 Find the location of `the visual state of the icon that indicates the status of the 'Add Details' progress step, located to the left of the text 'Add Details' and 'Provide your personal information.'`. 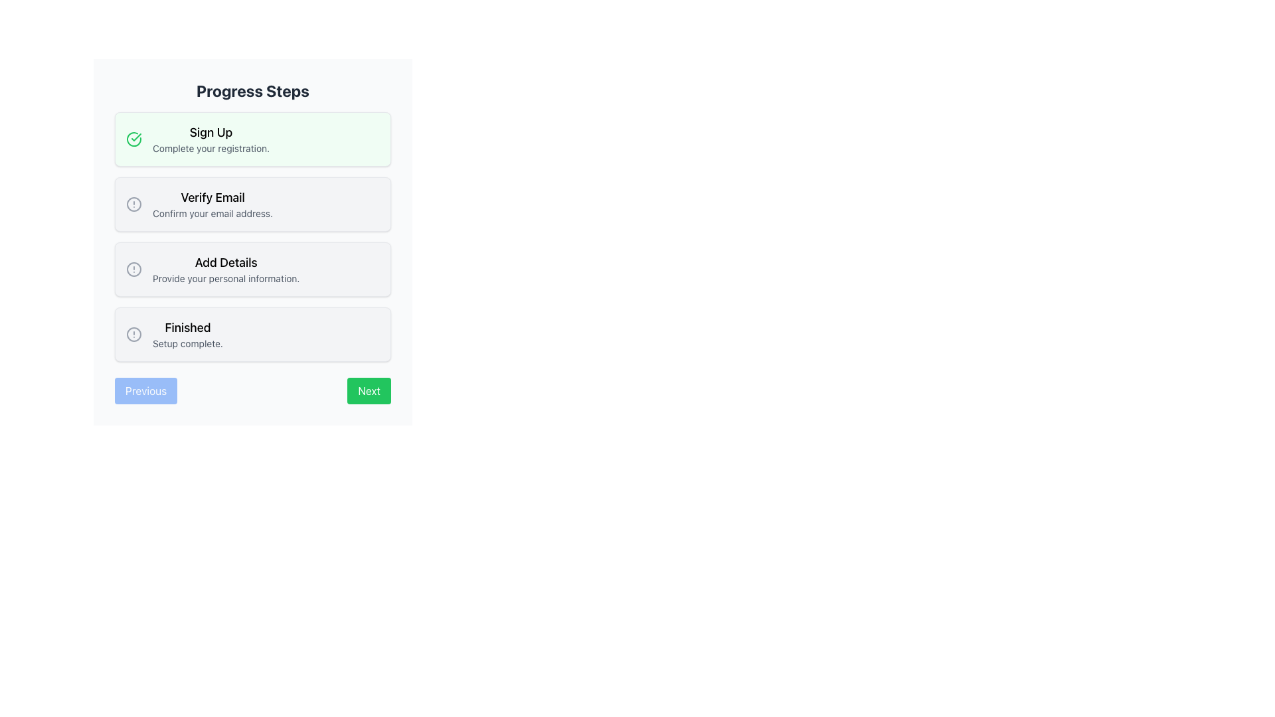

the visual state of the icon that indicates the status of the 'Add Details' progress step, located to the left of the text 'Add Details' and 'Provide your personal information.' is located at coordinates (133, 269).